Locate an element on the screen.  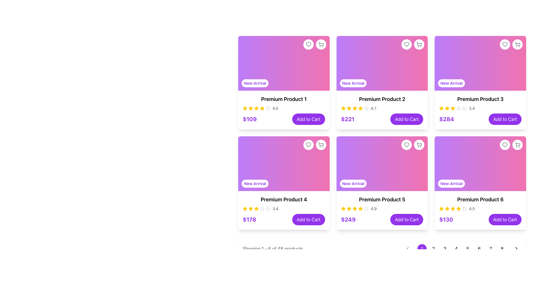
the shopping cart icon located in the top right corner of the fifth product card in the second row of the grid layout is located at coordinates (419, 144).